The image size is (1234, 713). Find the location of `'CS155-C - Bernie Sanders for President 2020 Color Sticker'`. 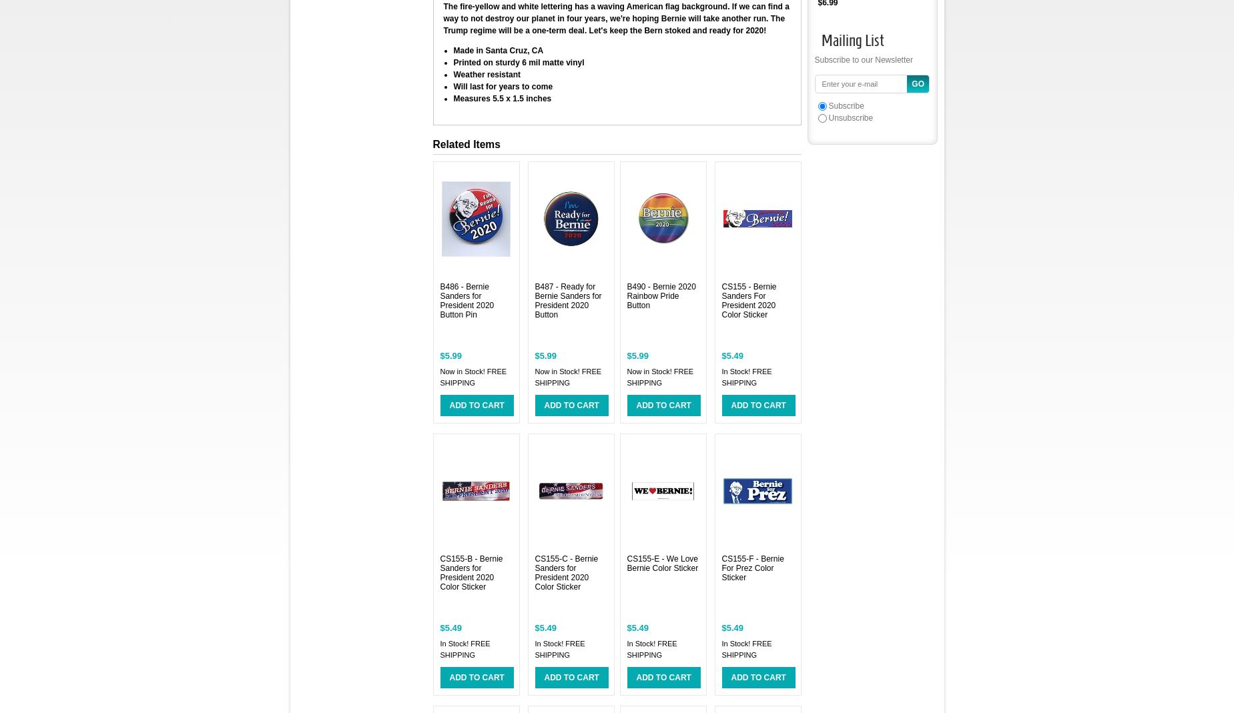

'CS155-C - Bernie Sanders for President 2020 Color Sticker' is located at coordinates (565, 572).